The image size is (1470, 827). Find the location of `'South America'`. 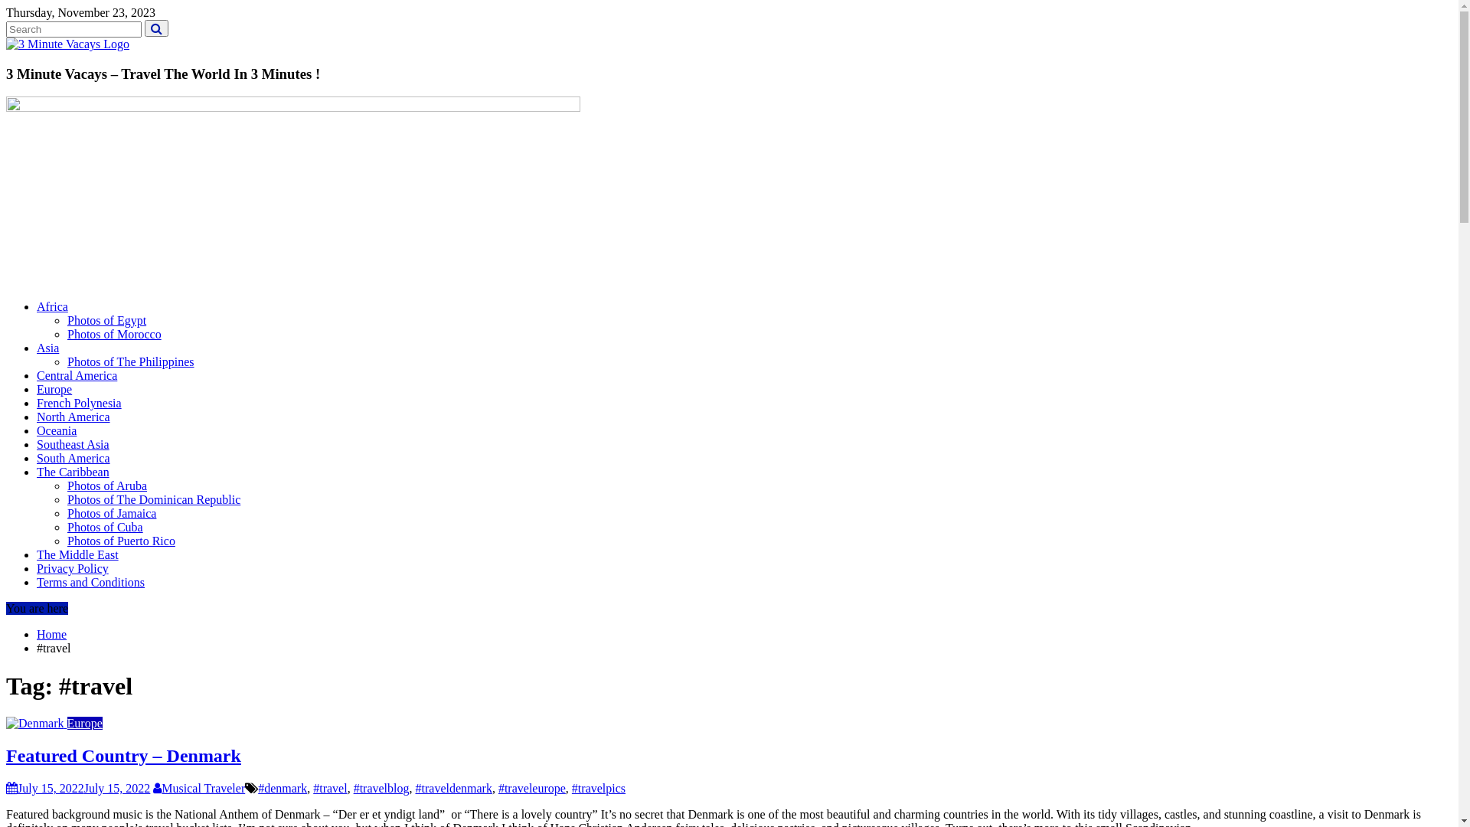

'South America' is located at coordinates (73, 457).